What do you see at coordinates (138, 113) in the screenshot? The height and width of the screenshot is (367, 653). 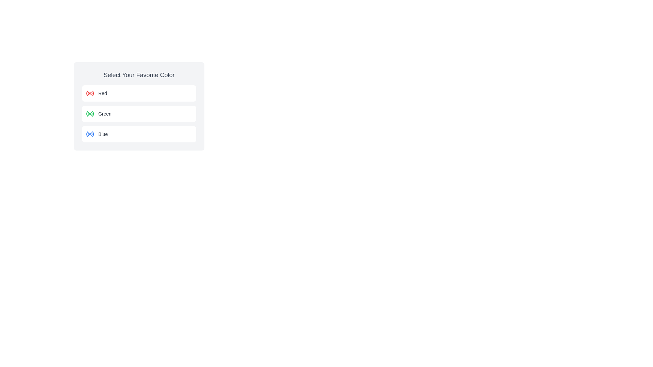 I see `the radio button next to the 'Green' option in the group of selectable items labeled 'Select Your Favorite Color'` at bounding box center [138, 113].